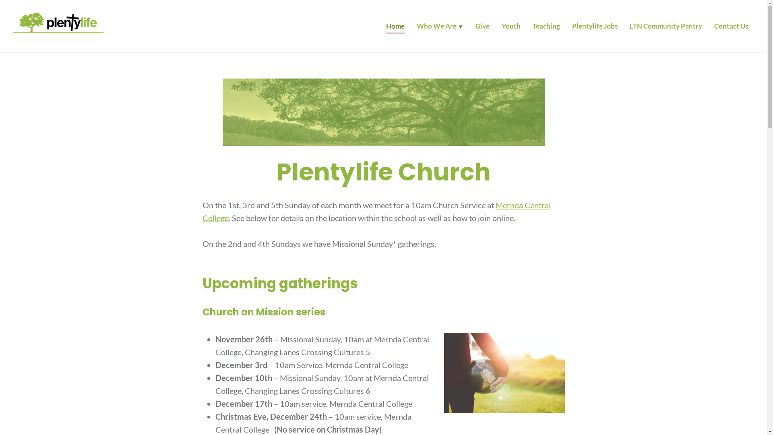 This screenshot has height=435, width=773. I want to click on 'Give', so click(482, 27).